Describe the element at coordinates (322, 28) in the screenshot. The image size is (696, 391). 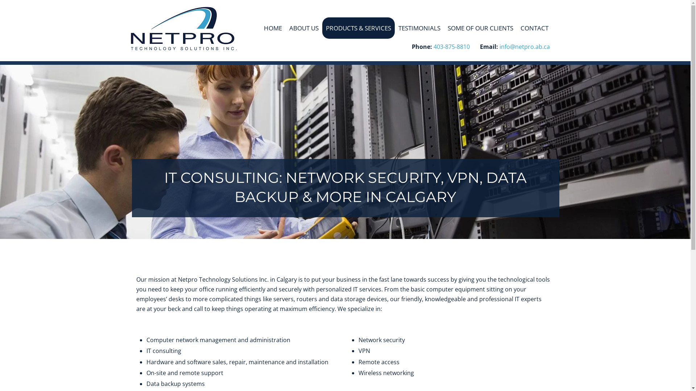
I see `'PRODUCTS & SERVICES'` at that location.